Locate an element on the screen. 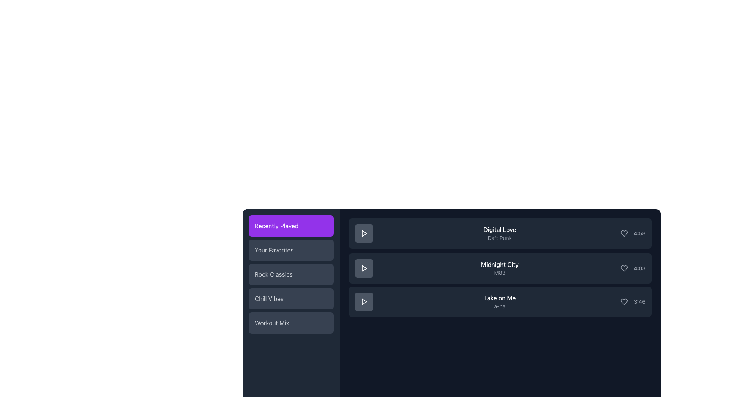 This screenshot has width=729, height=410. the song entry in the list of clickable items to play the song, located in the center-right area of the interface is located at coordinates (500, 267).